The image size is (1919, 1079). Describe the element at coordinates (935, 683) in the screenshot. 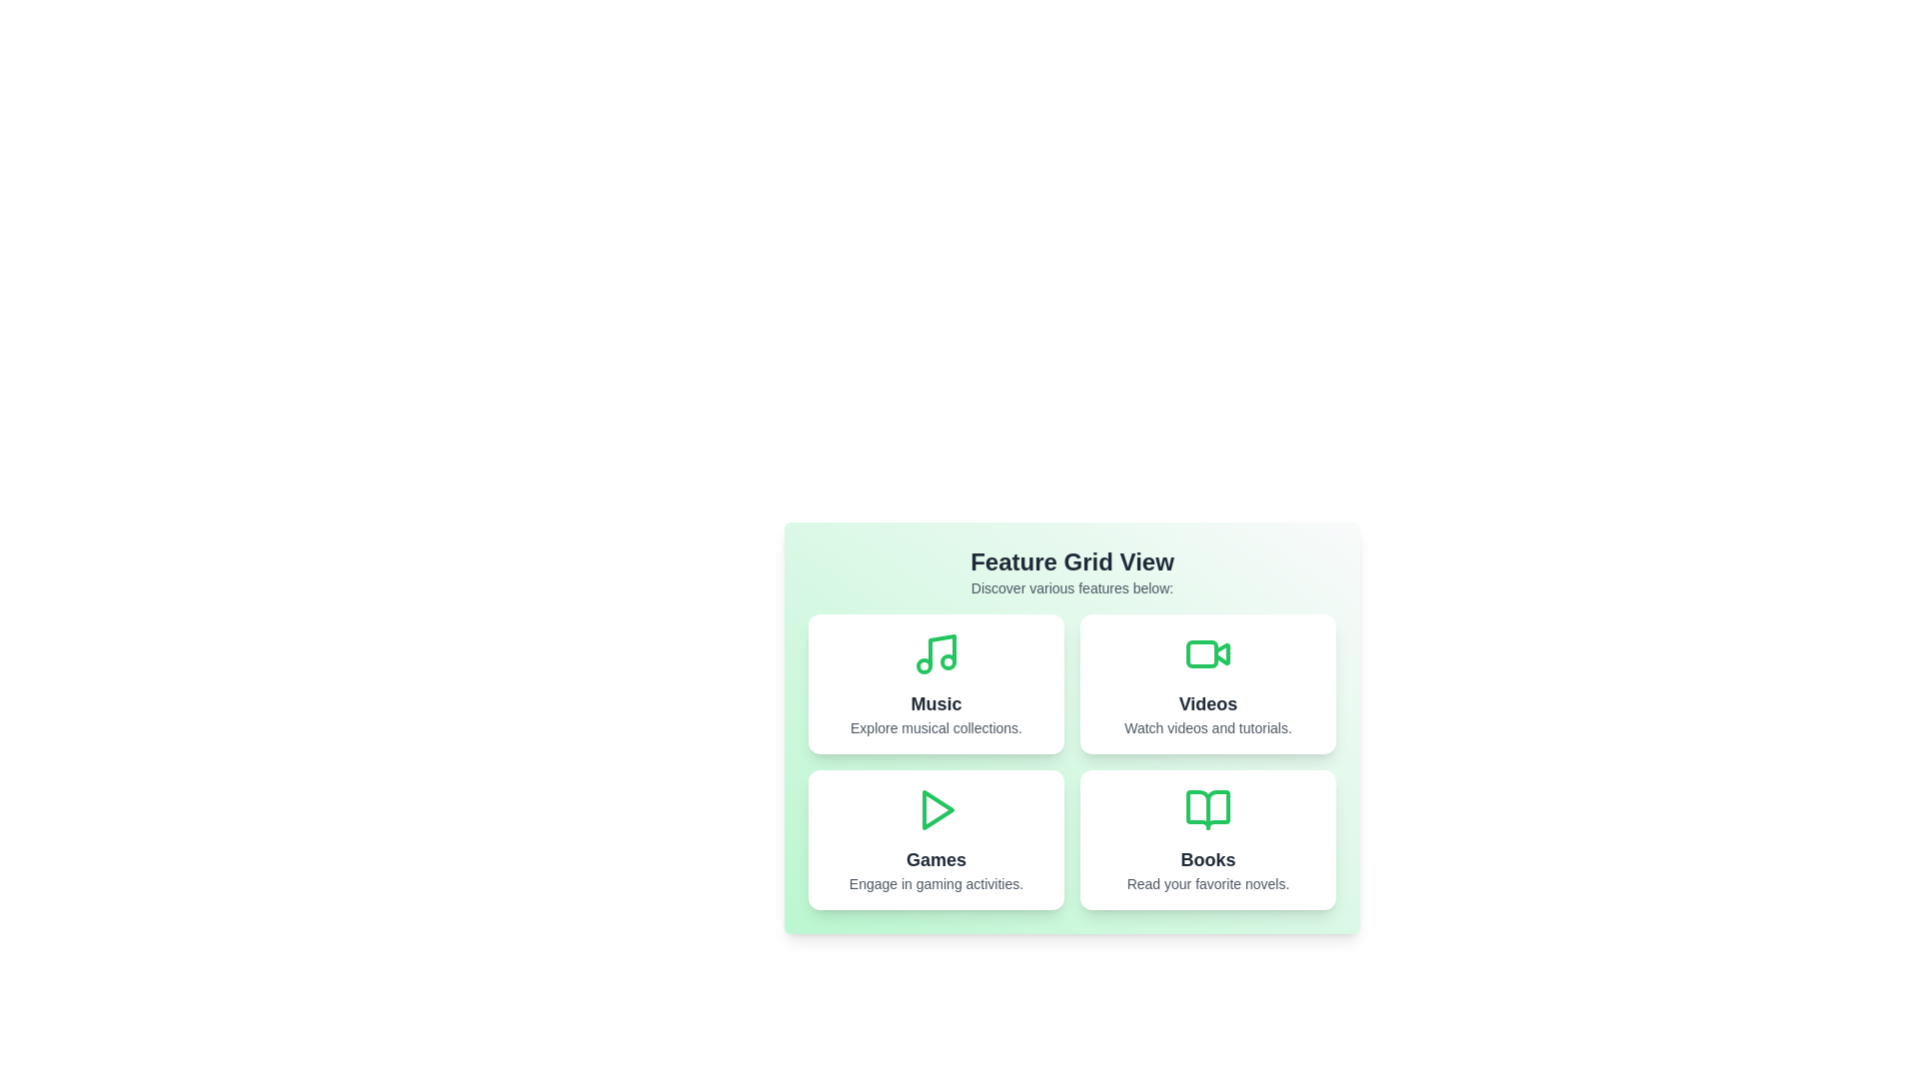

I see `the Music card to explore its functionality` at that location.